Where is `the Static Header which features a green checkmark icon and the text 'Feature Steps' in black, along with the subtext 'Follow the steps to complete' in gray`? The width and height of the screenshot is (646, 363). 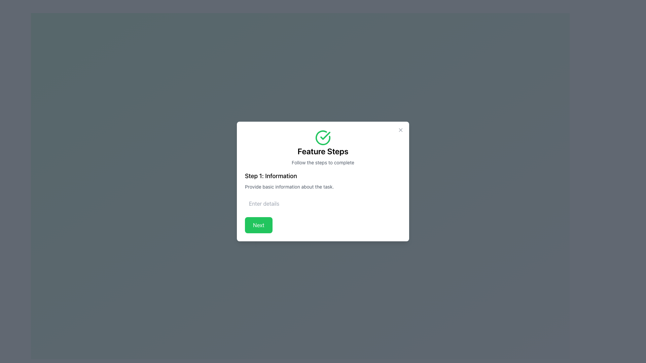
the Static Header which features a green checkmark icon and the text 'Feature Steps' in black, along with the subtext 'Follow the steps to complete' in gray is located at coordinates (323, 147).